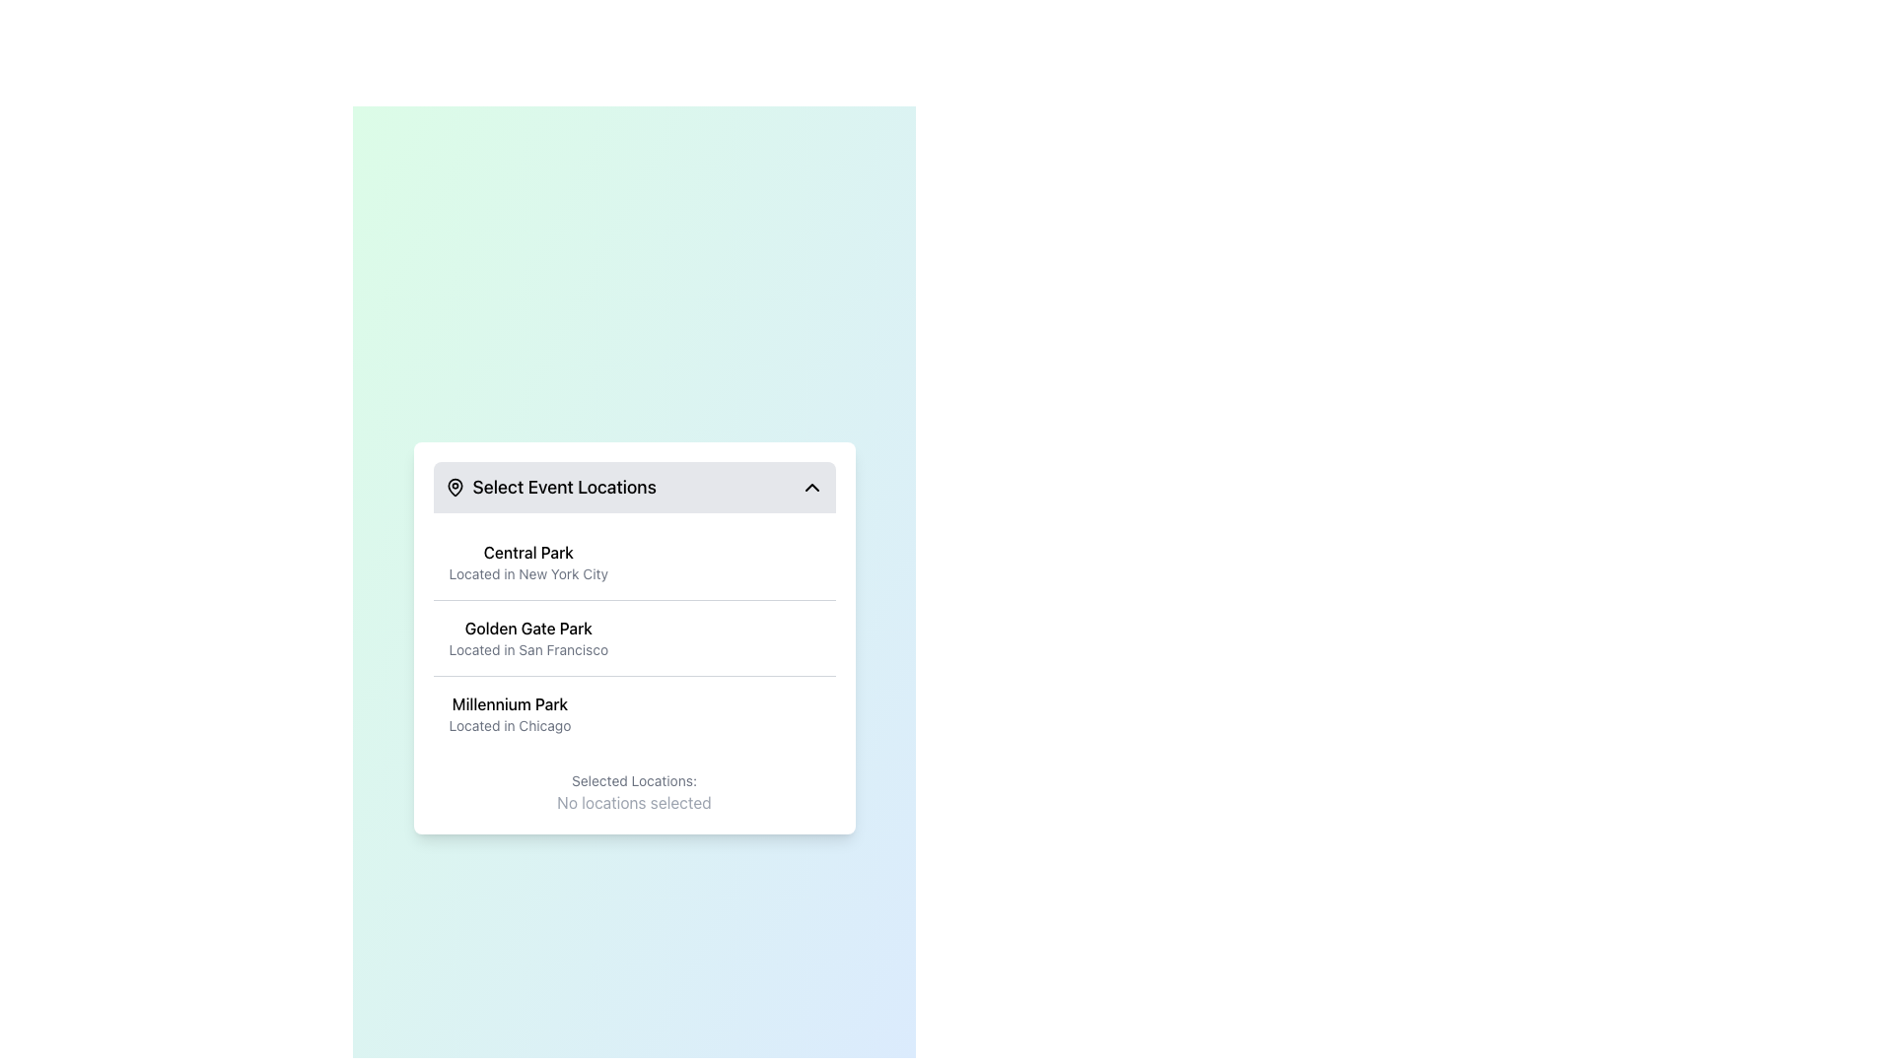  What do you see at coordinates (634, 487) in the screenshot?
I see `the 'Select Event Locations' Collapsible Header` at bounding box center [634, 487].